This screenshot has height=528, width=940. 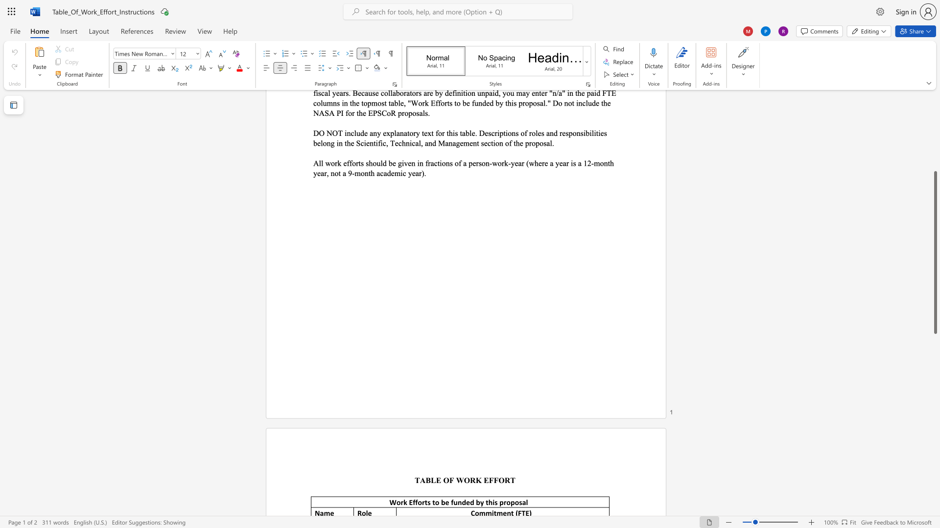 I want to click on the scrollbar to slide the page up, so click(x=935, y=107).